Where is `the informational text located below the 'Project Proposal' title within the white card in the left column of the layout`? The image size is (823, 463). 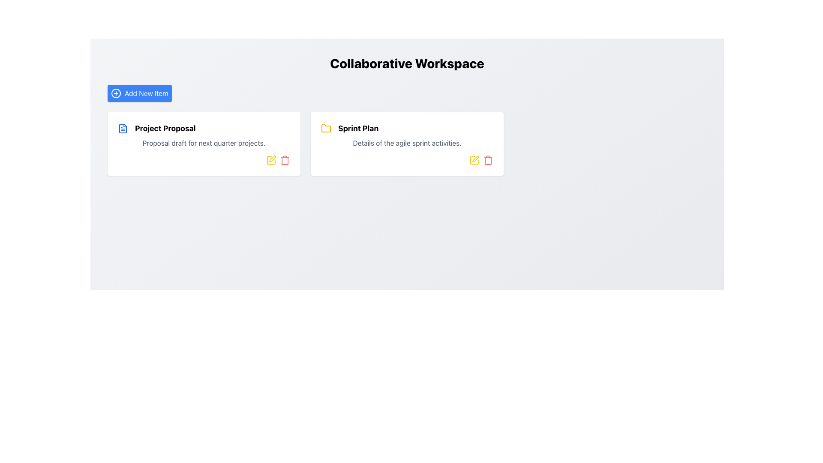
the informational text located below the 'Project Proposal' title within the white card in the left column of the layout is located at coordinates (203, 143).